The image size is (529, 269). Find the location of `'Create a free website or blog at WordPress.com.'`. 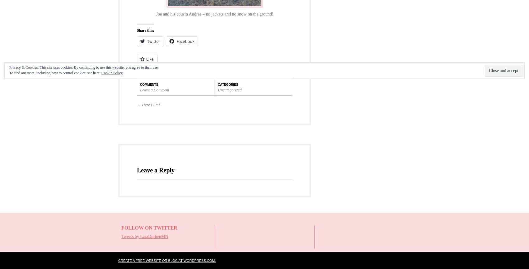

'Create a free website or blog at WordPress.com.' is located at coordinates (166, 260).